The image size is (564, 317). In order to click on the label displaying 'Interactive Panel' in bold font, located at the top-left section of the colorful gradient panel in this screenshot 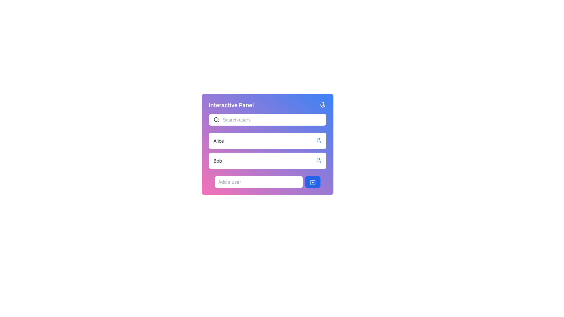, I will do `click(231, 105)`.